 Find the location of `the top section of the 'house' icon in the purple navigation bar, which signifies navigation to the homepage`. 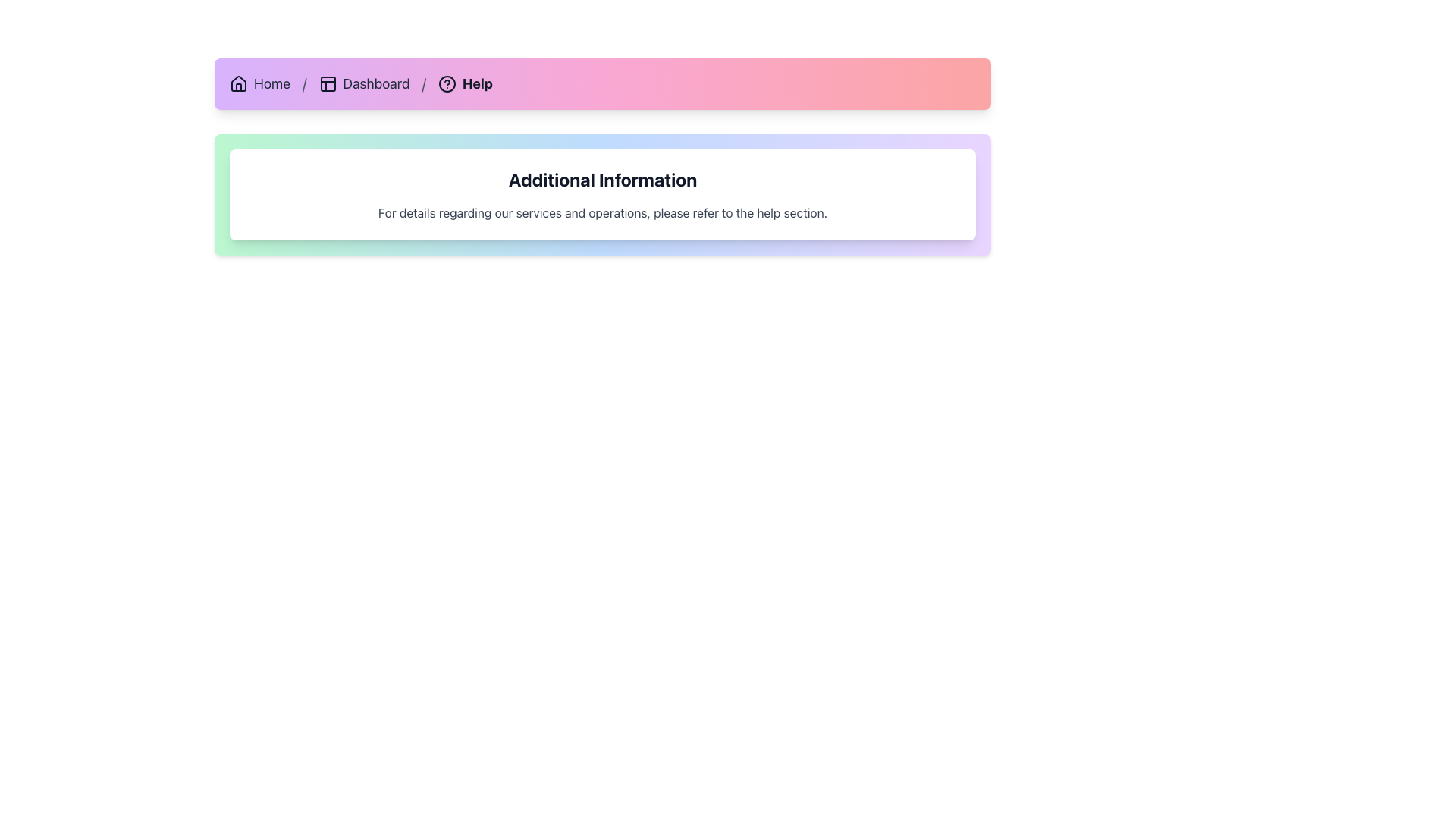

the top section of the 'house' icon in the purple navigation bar, which signifies navigation to the homepage is located at coordinates (238, 83).